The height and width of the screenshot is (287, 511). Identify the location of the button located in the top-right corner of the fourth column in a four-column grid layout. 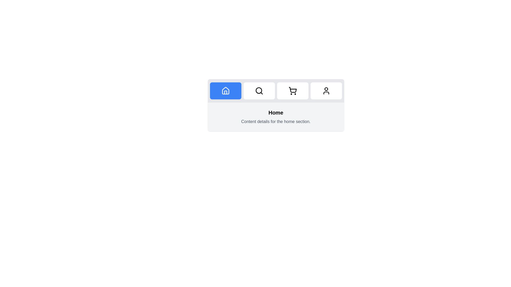
(326, 91).